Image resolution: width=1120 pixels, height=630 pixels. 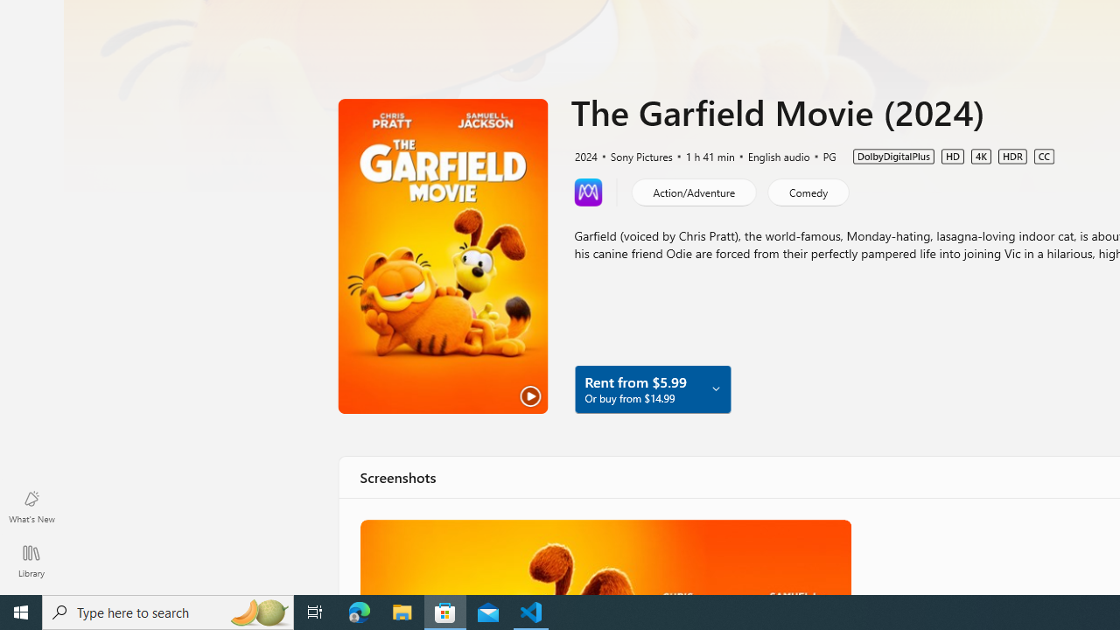 What do you see at coordinates (770, 155) in the screenshot?
I see `'English audio'` at bounding box center [770, 155].